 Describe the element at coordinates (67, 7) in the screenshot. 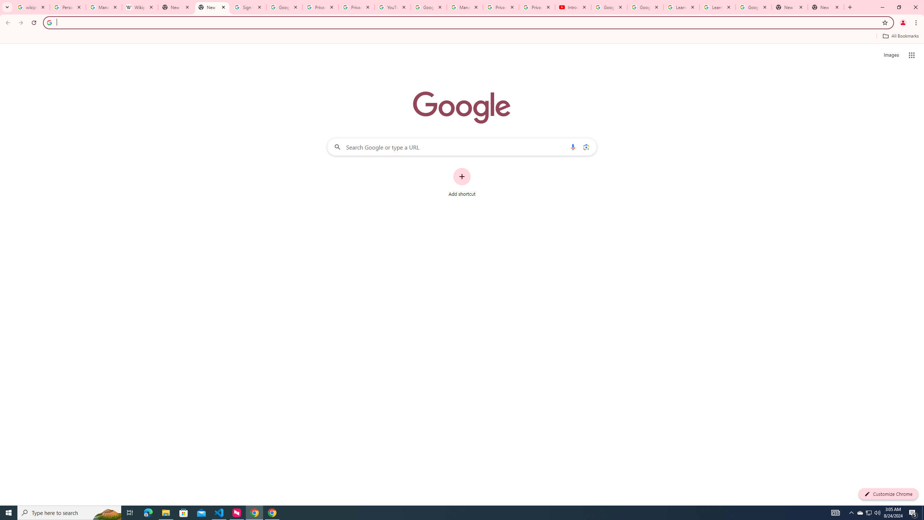

I see `'Personalization & Google Search results - Google Search Help'` at that location.